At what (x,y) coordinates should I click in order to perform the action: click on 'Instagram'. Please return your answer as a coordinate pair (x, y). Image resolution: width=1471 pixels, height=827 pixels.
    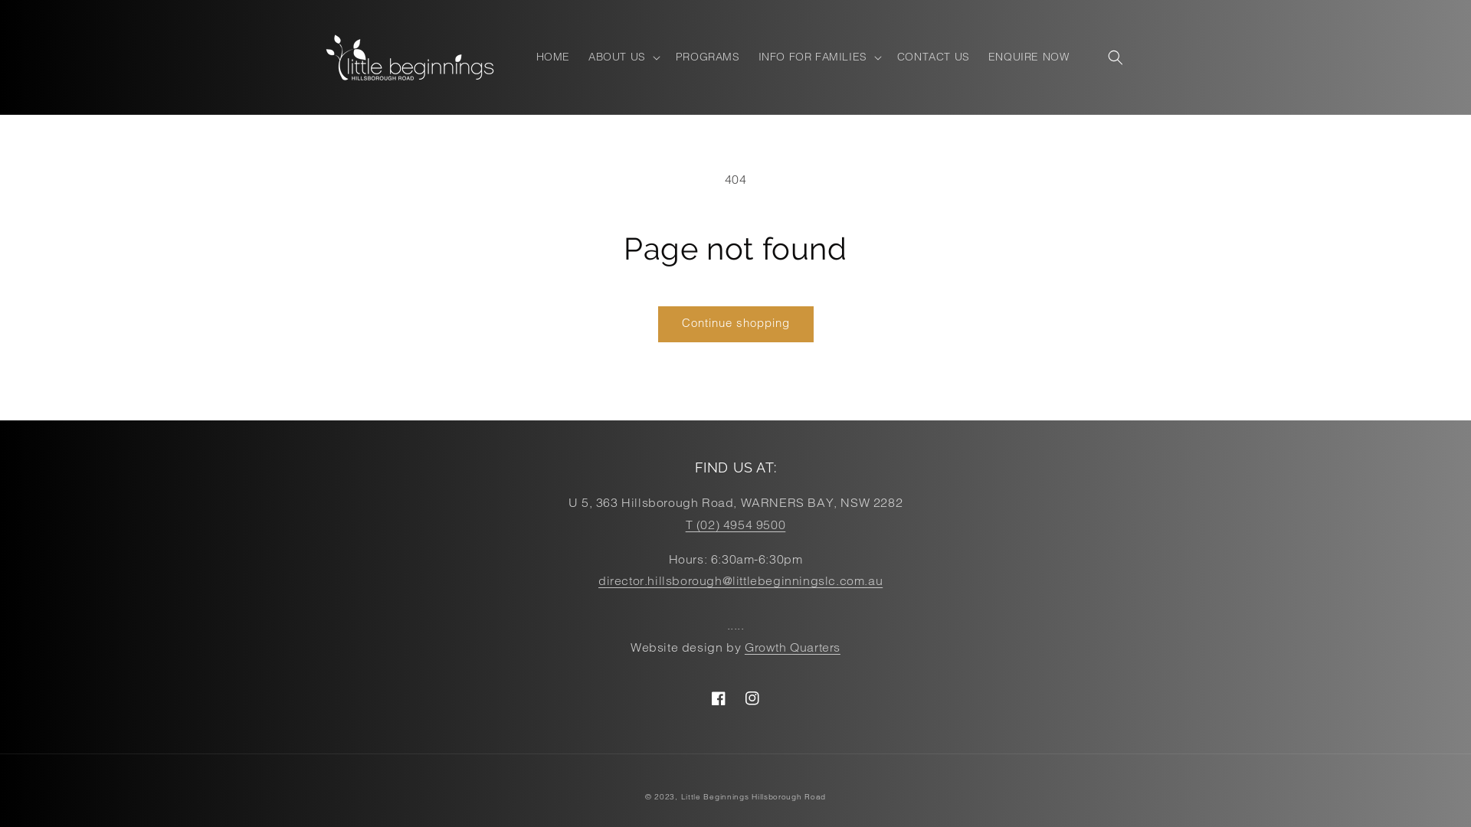
    Looking at the image, I should click on (735, 698).